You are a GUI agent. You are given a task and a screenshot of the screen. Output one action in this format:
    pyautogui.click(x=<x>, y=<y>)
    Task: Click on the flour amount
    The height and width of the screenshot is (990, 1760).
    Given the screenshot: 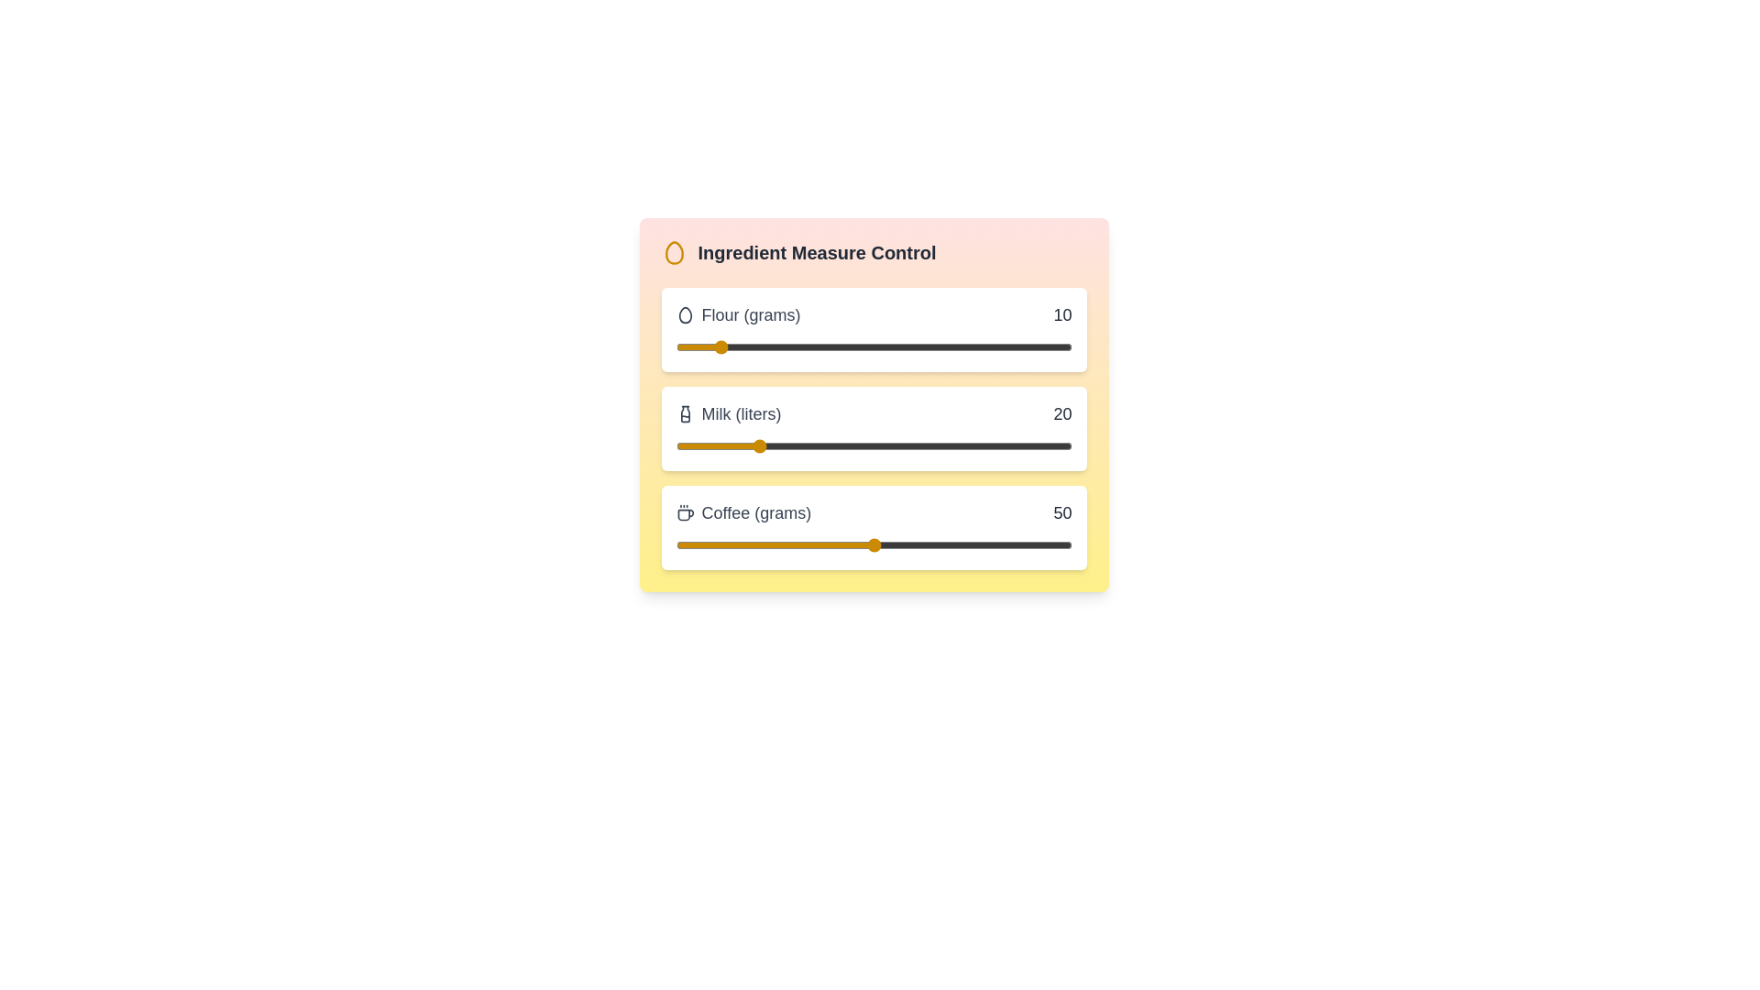 What is the action you would take?
    pyautogui.click(x=678, y=346)
    